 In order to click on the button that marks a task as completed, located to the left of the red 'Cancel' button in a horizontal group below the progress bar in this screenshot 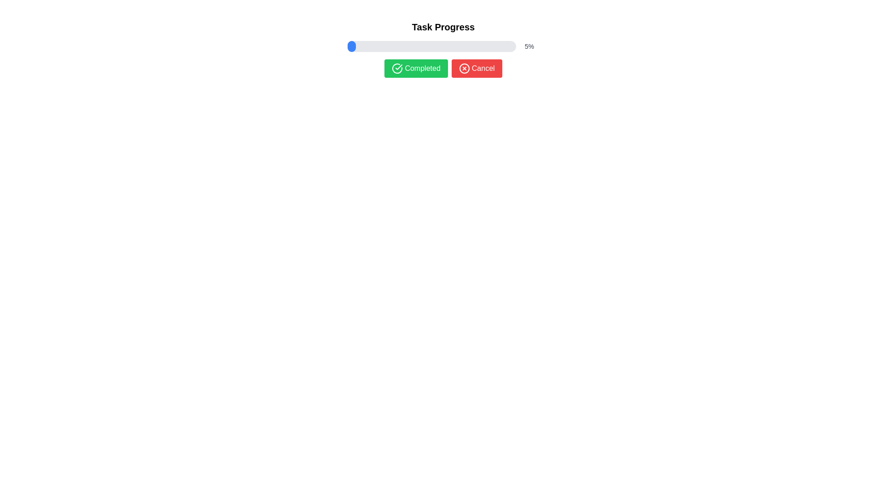, I will do `click(416, 68)`.